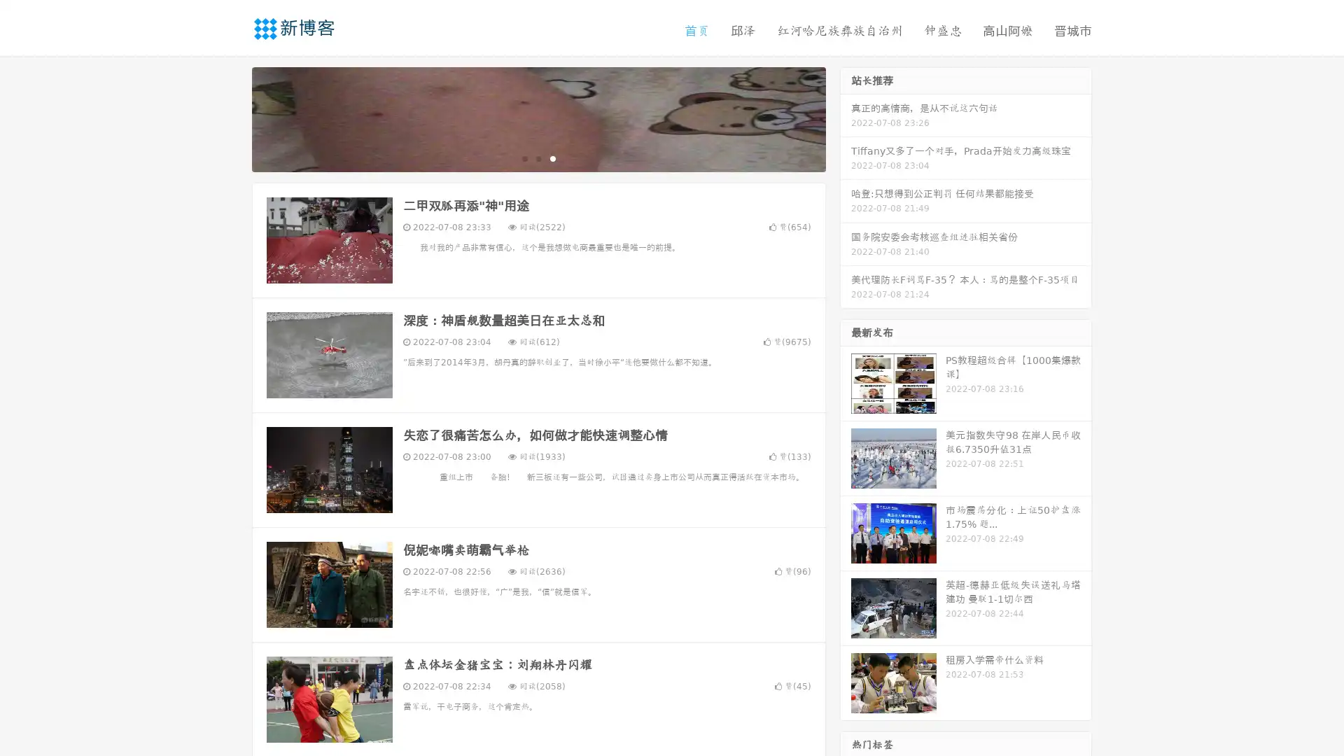  Describe the element at coordinates (846, 118) in the screenshot. I see `Next slide` at that location.